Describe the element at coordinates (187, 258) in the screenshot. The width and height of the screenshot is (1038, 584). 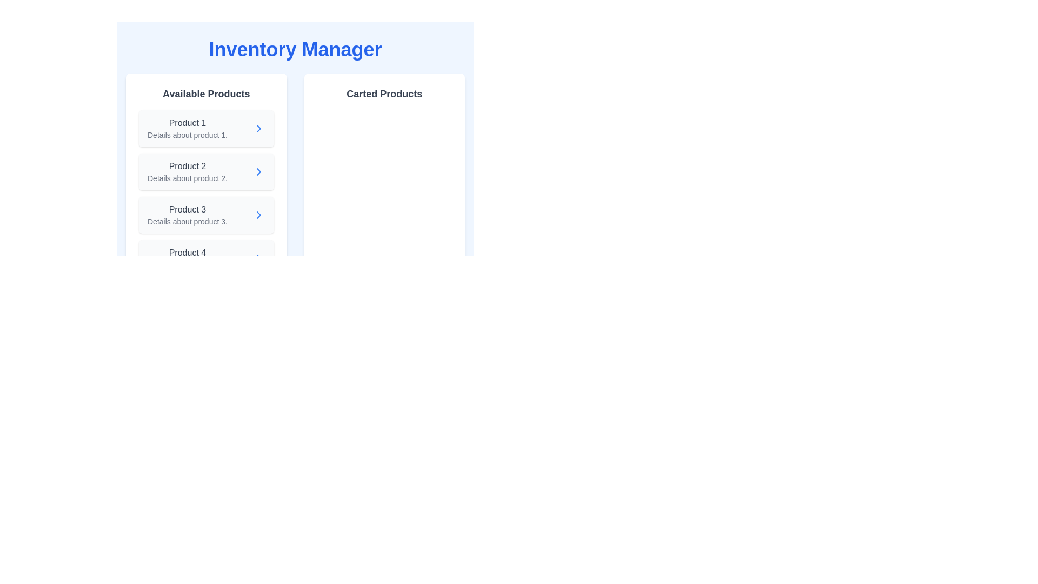
I see `the static text component displaying 'Product 4' with the description 'Details about product 4.' located in the 'Available Products' section, positioned below 'Product 3'` at that location.